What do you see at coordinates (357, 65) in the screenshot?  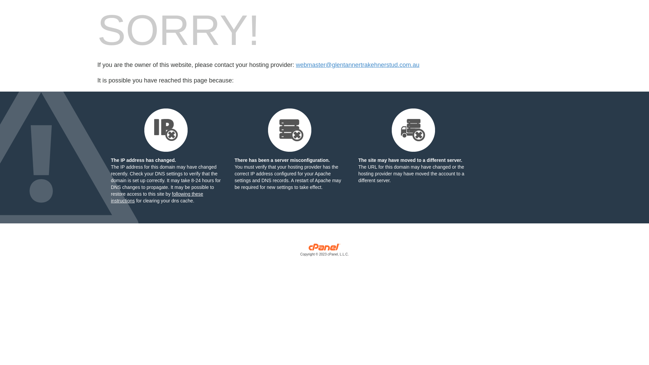 I see `'webmaster@glentannertrakehnerstud.com.au'` at bounding box center [357, 65].